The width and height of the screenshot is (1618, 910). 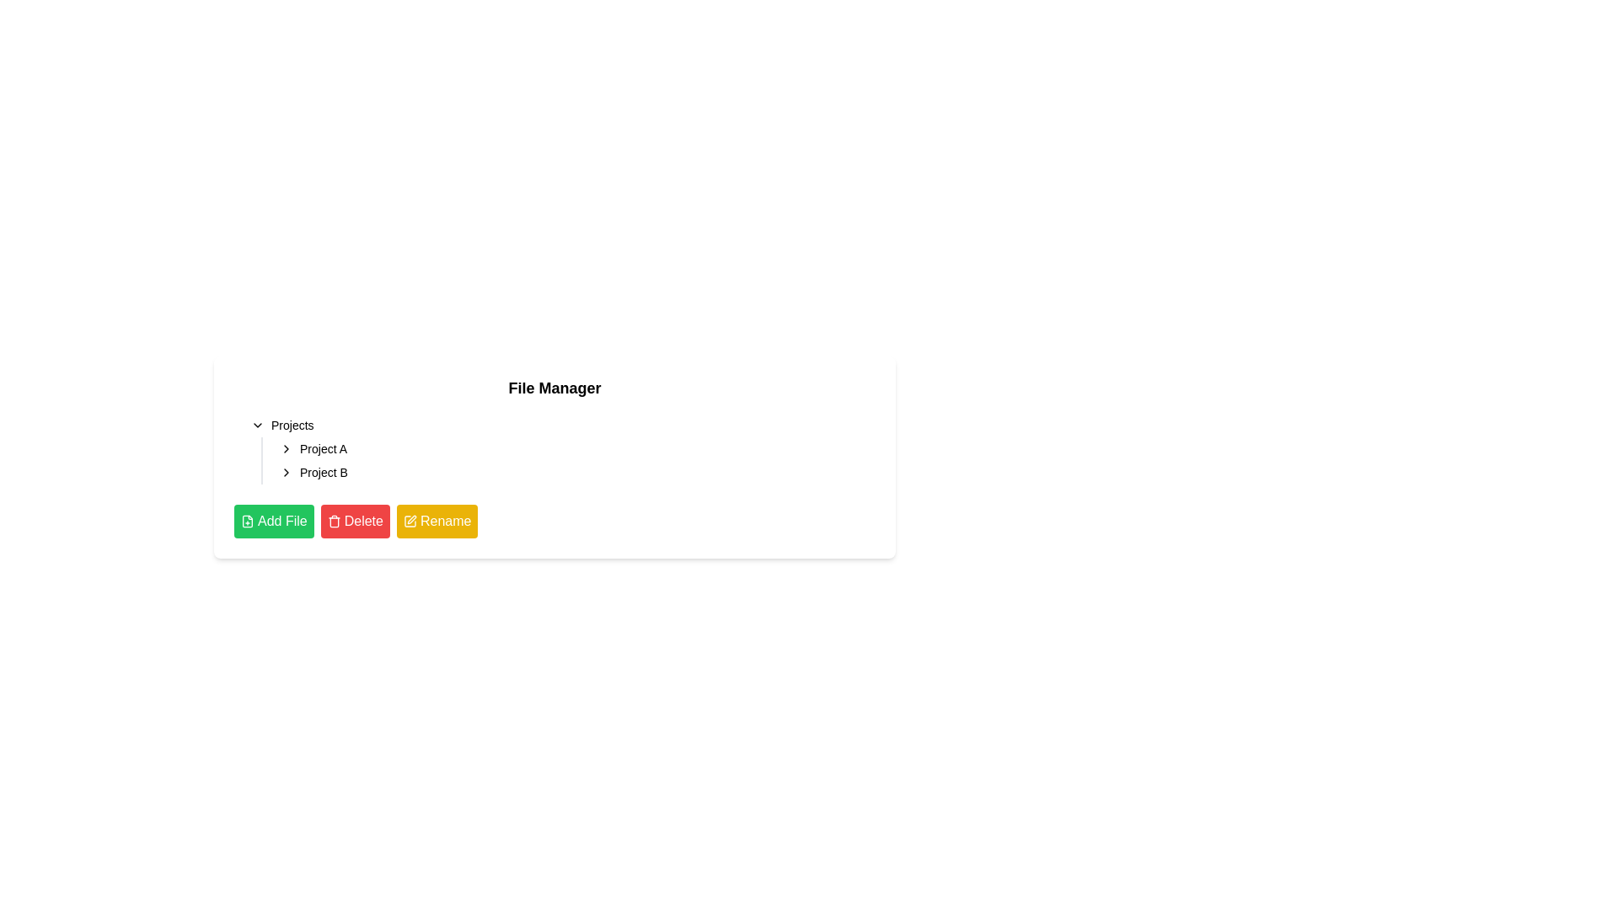 What do you see at coordinates (246, 520) in the screenshot?
I see `the green 'Add File' button located at the bottom left of the 'File Manager' section, which features a file icon with a plus symbol` at bounding box center [246, 520].